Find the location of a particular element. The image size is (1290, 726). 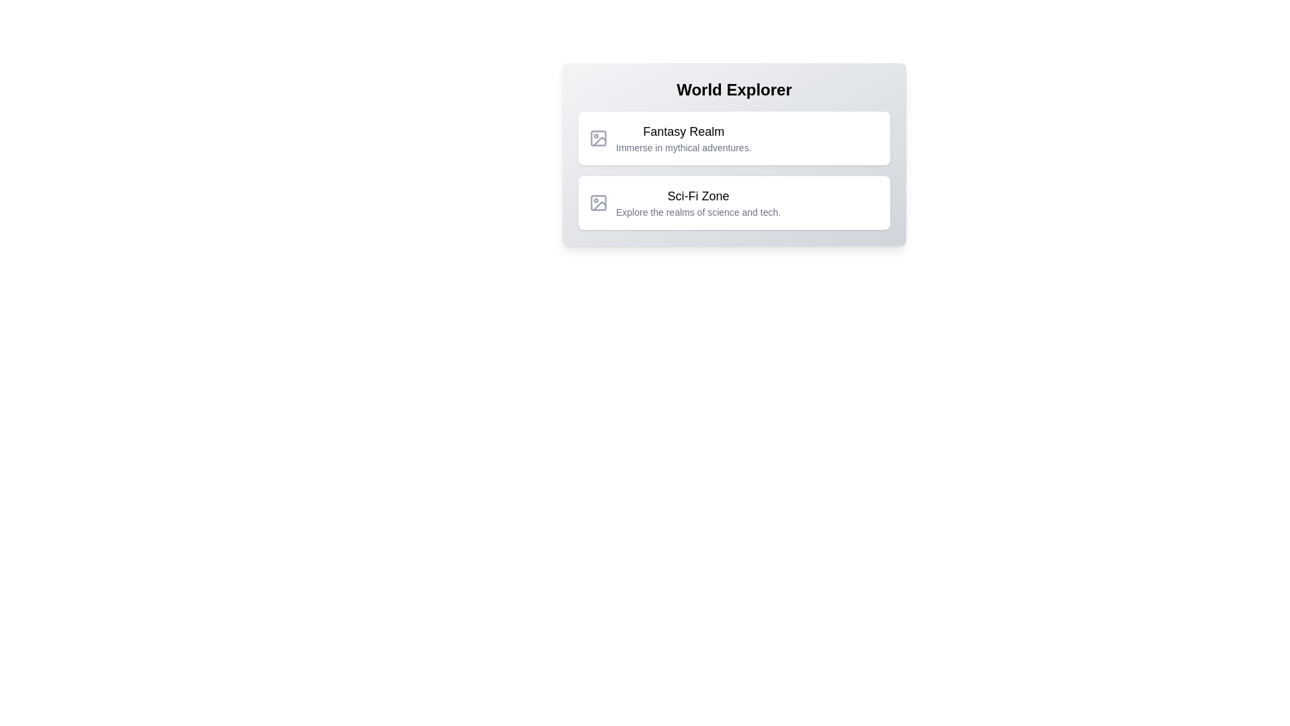

the descriptive subtitle located directly below the 'Fantasy Realm' text, which provides additional context about the option is located at coordinates (683, 147).